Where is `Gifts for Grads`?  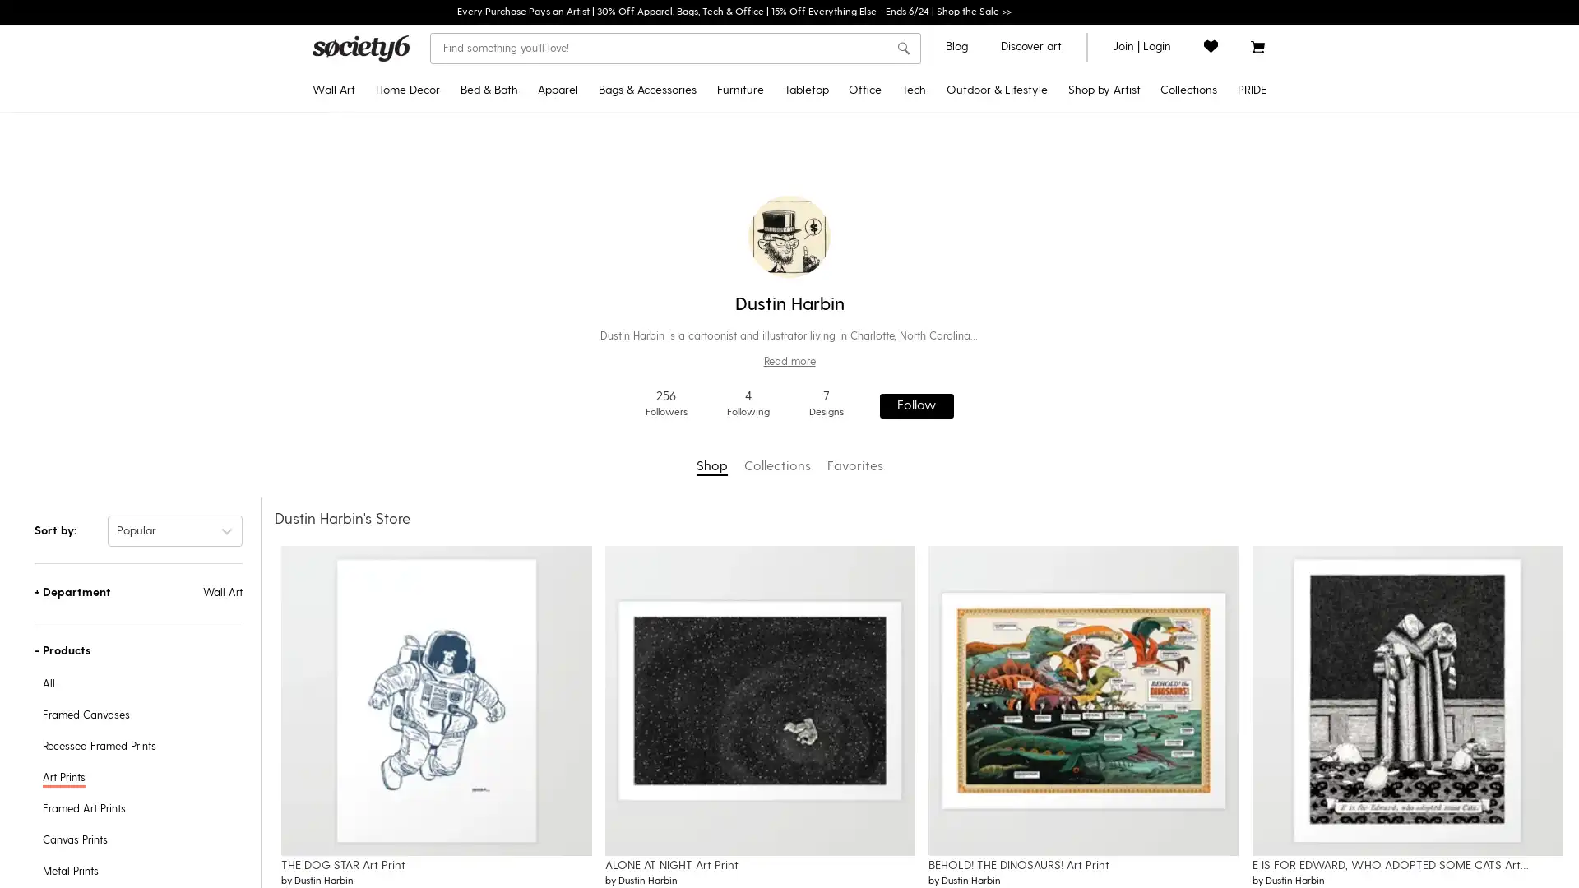 Gifts for Grads is located at coordinates (1128, 159).